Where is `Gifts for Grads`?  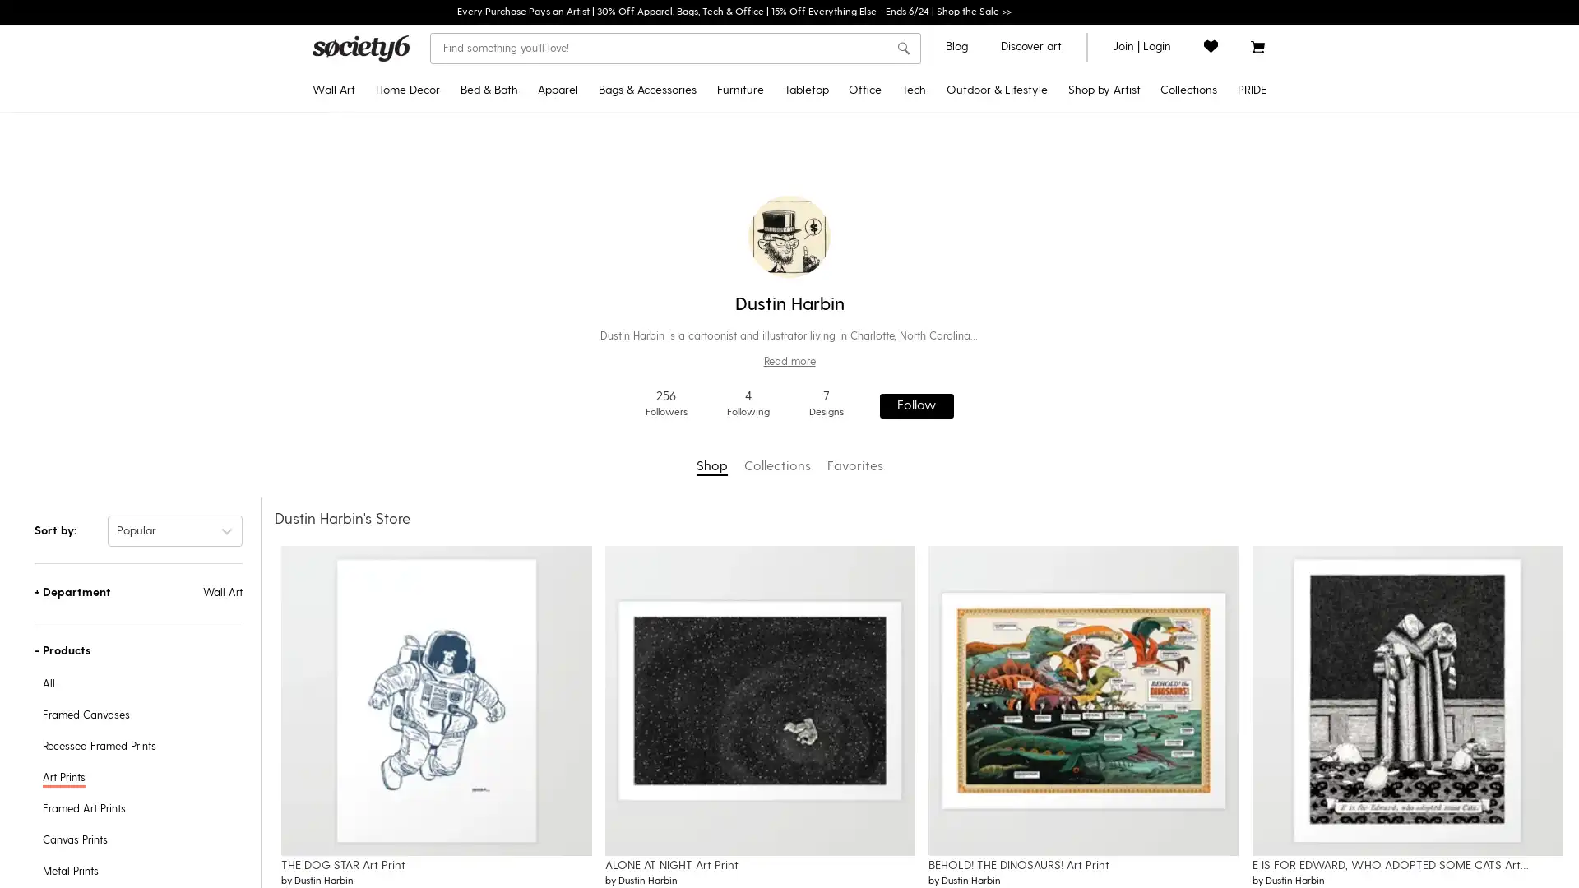 Gifts for Grads is located at coordinates (1128, 159).